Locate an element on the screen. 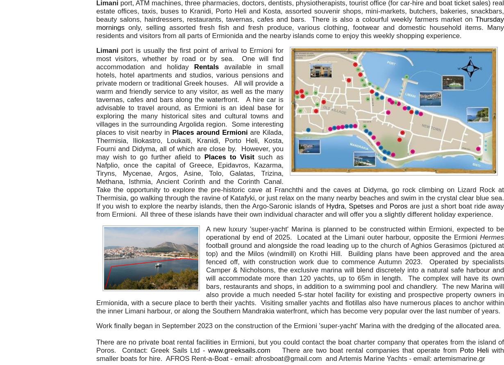 The width and height of the screenshot is (504, 365). 'only, selling assorted fresh fish and fresh produce, various clothing, footwear and domestic household items. Many residents and visitors from all parts of Ermionida and the nearby islands come to enjoy this weekly shopping experience.' is located at coordinates (300, 32).